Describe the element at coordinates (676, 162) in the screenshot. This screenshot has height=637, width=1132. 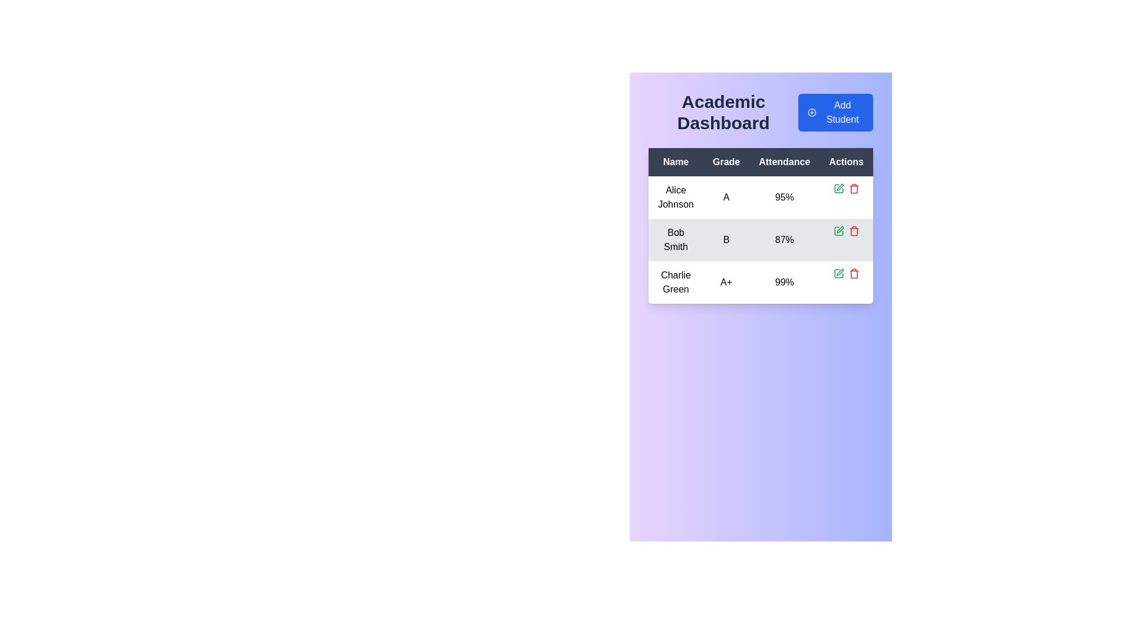
I see `text displayed in the 'Name' table header, which is styled in bold white font on a dark blue background, located at the far left of the table headers` at that location.